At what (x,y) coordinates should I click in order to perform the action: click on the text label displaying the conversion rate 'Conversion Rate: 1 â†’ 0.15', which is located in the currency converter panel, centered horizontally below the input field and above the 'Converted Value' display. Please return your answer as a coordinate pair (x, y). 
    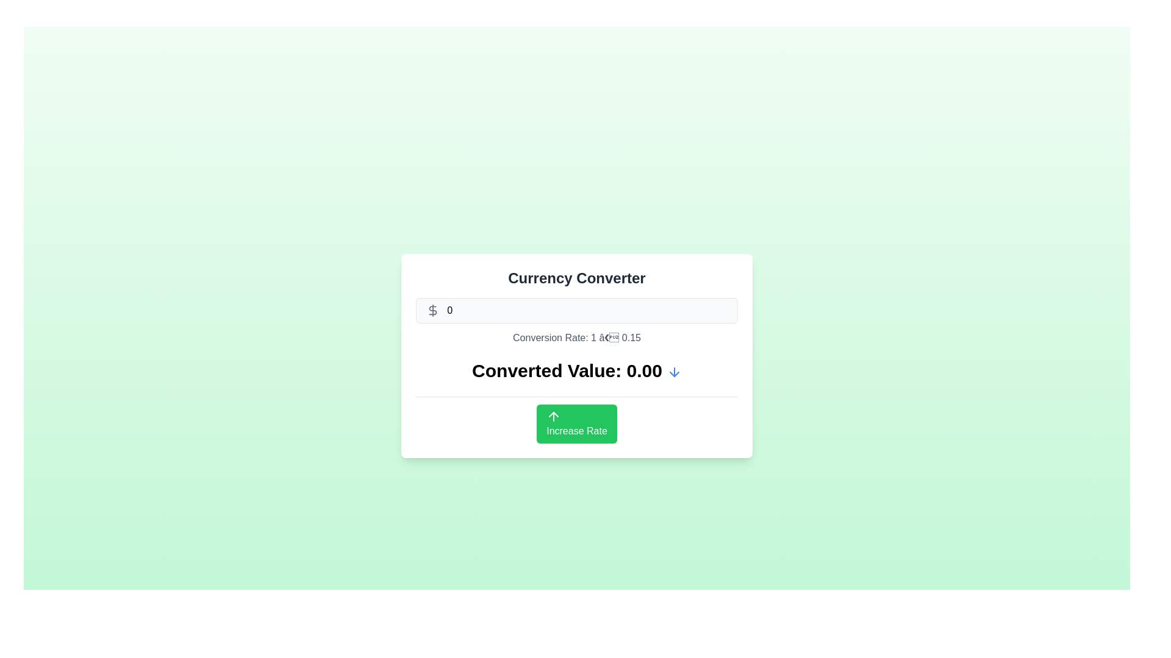
    Looking at the image, I should click on (576, 338).